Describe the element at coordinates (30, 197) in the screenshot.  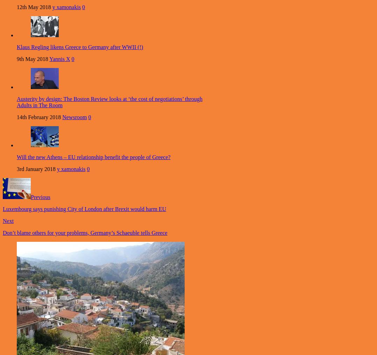
I see `'Previous'` at that location.